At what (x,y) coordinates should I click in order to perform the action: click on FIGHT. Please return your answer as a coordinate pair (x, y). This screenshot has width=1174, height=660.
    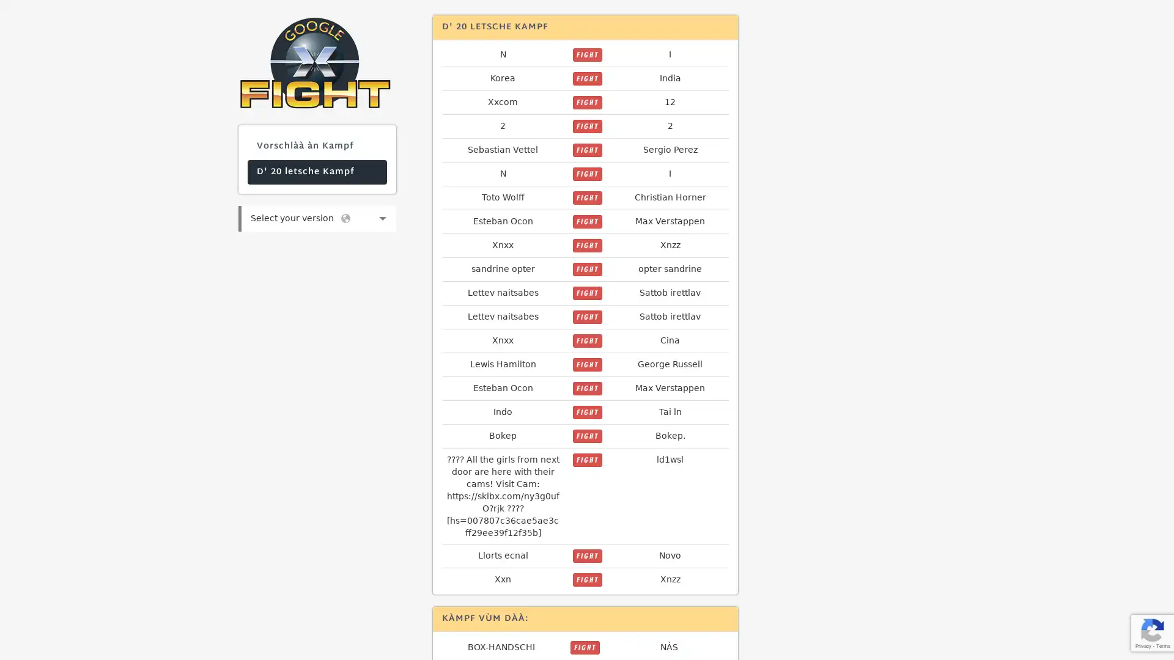
    Looking at the image, I should click on (587, 293).